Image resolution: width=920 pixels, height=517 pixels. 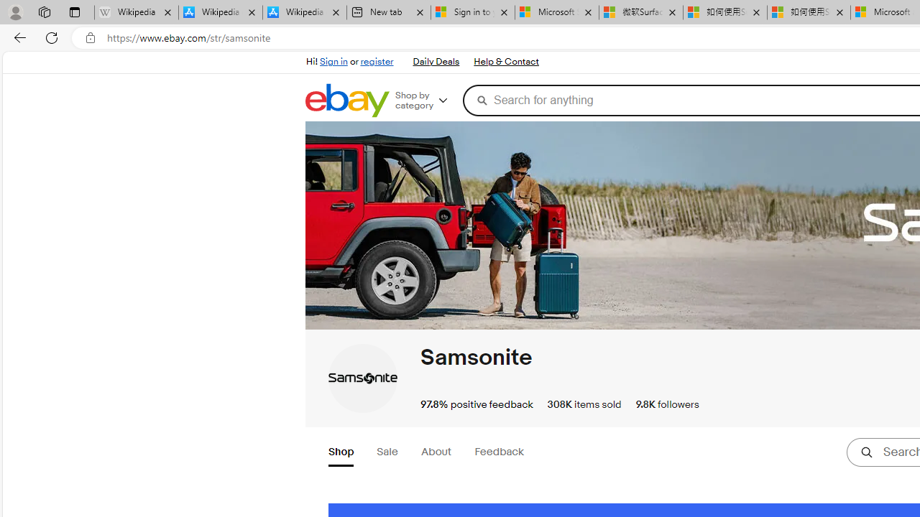 I want to click on 'Help & Contact', so click(x=506, y=62).